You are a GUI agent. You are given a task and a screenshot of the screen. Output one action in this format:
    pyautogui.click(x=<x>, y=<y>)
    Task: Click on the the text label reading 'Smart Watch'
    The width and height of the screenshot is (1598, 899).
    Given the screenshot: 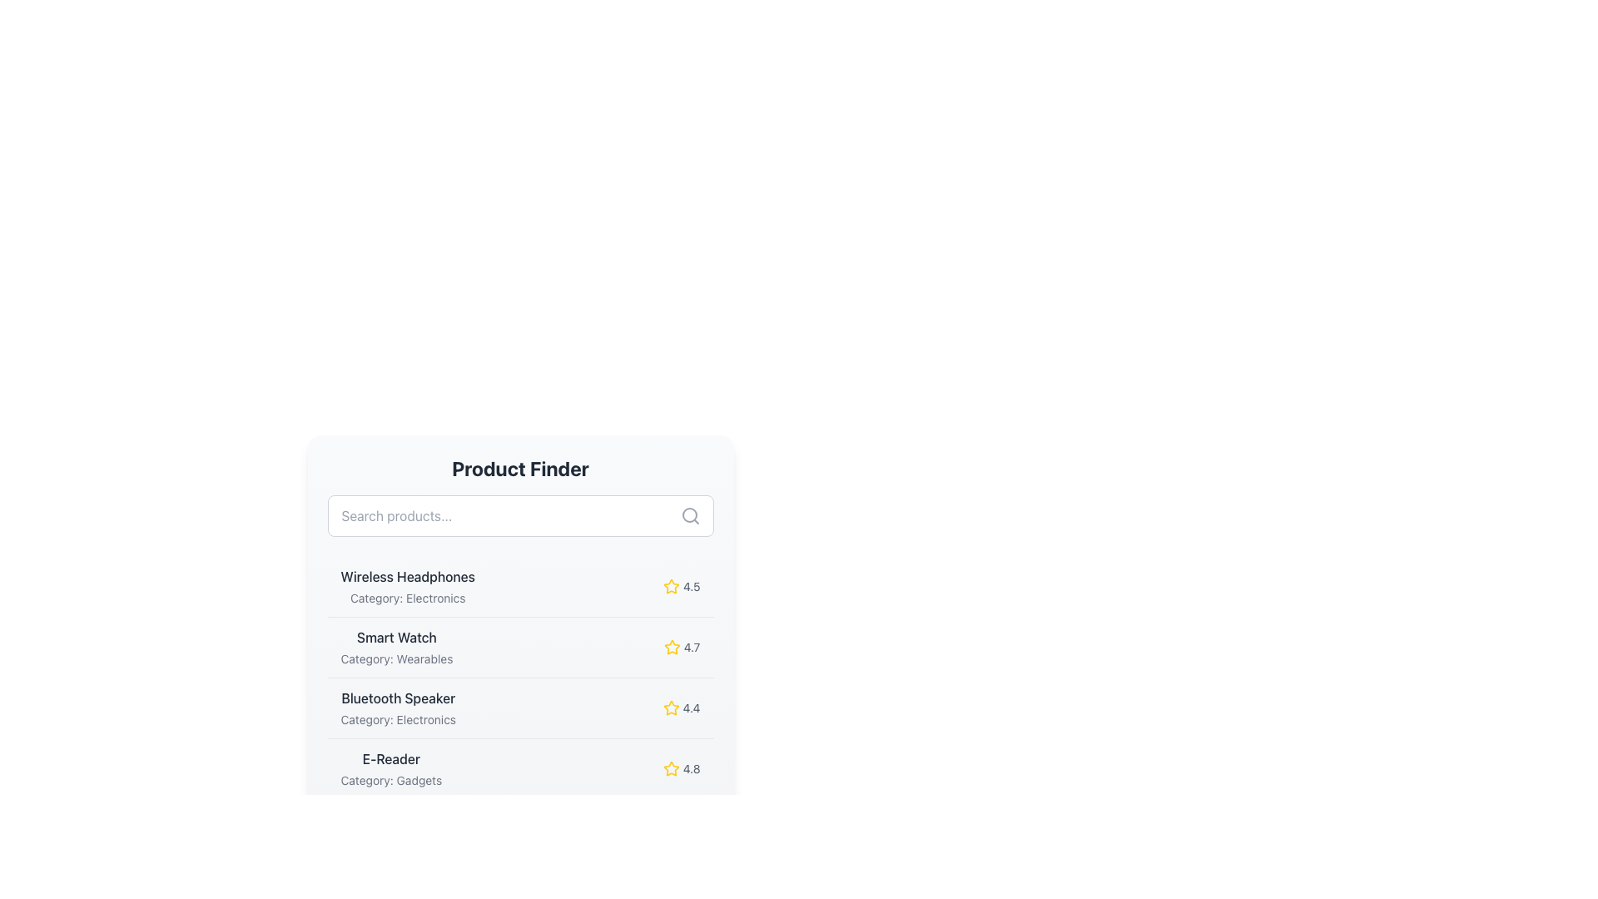 What is the action you would take?
    pyautogui.click(x=395, y=637)
    